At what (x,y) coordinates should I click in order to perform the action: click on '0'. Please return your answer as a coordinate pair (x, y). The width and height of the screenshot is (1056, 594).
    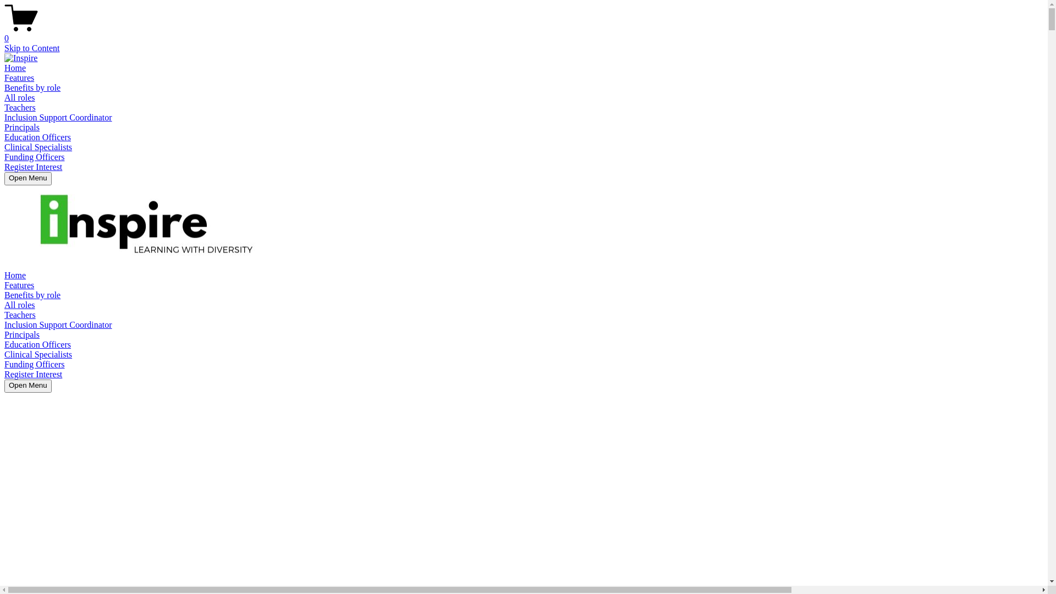
    Looking at the image, I should click on (4, 33).